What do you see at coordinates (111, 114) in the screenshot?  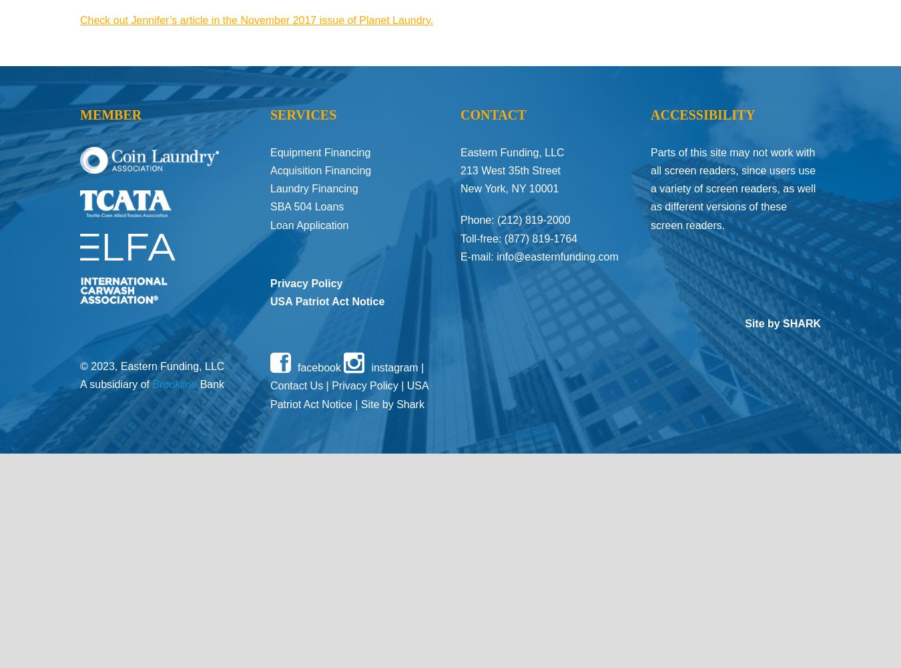 I see `'Member'` at bounding box center [111, 114].